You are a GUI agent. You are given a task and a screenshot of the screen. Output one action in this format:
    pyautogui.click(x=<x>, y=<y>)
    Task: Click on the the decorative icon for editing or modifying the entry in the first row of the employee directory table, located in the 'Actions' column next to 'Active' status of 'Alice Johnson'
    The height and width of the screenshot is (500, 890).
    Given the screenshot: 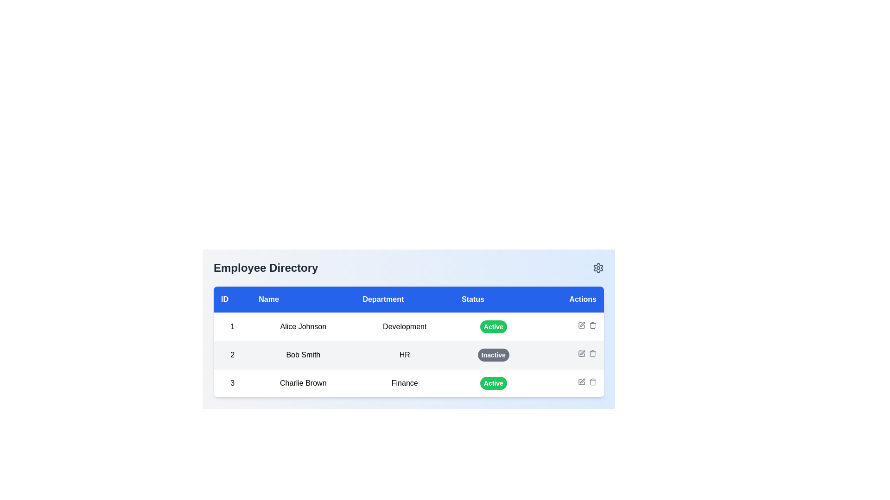 What is the action you would take?
    pyautogui.click(x=581, y=325)
    